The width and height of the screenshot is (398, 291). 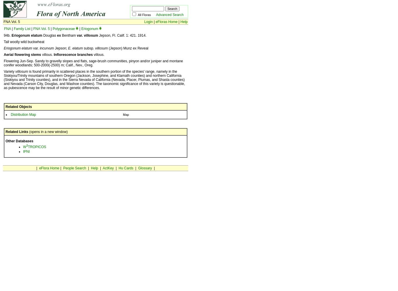 What do you see at coordinates (53, 48) in the screenshot?
I see `'Jepson;'` at bounding box center [53, 48].